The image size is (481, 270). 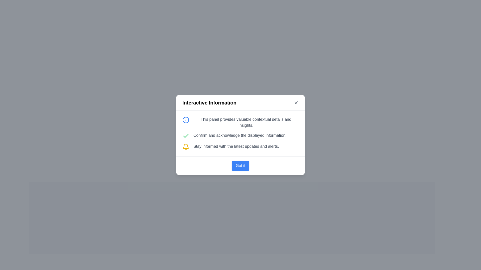 I want to click on the checkmark icon component that signifies confirmation within the dialog box, located in the second row alongside explanatory text, so click(x=186, y=136).